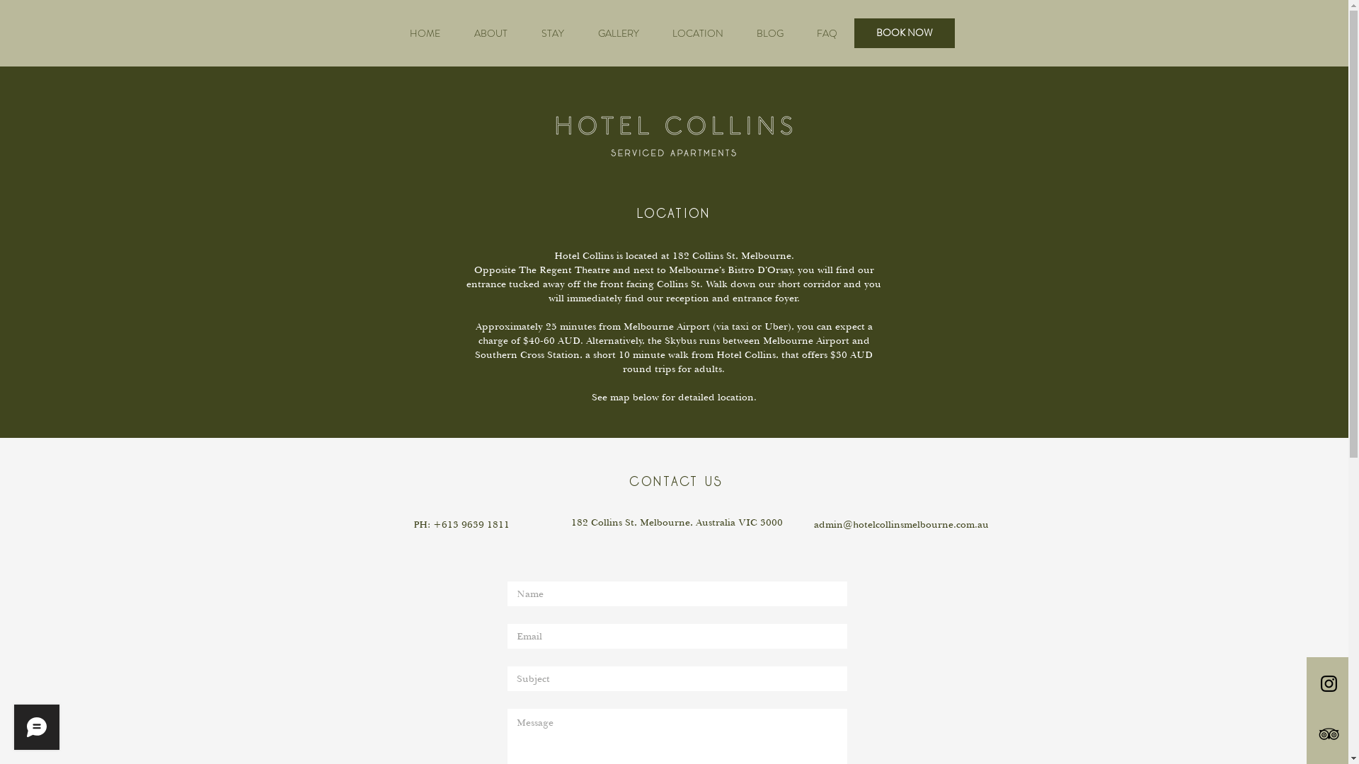 This screenshot has width=1359, height=764. Describe the element at coordinates (826, 32) in the screenshot. I see `'FAQ'` at that location.